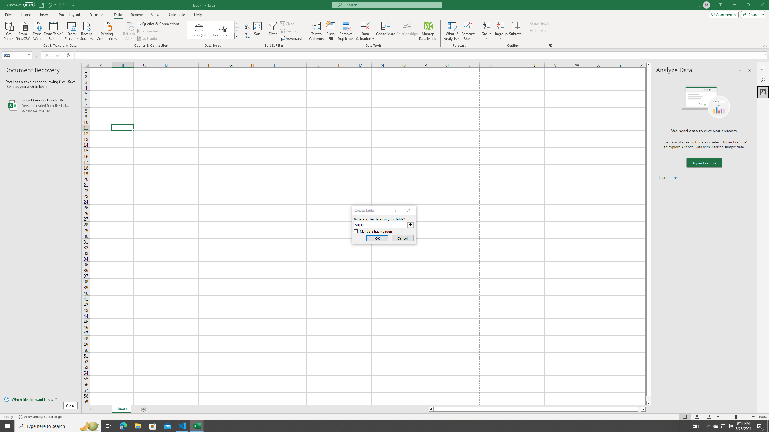  Describe the element at coordinates (148, 31) in the screenshot. I see `'Properties'` at that location.